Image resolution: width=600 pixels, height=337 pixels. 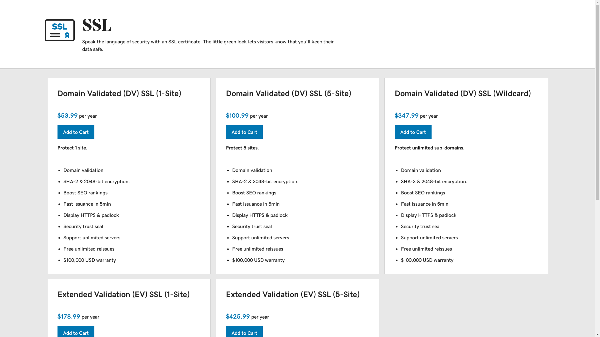 What do you see at coordinates (76, 132) in the screenshot?
I see `'Add to Cart'` at bounding box center [76, 132].